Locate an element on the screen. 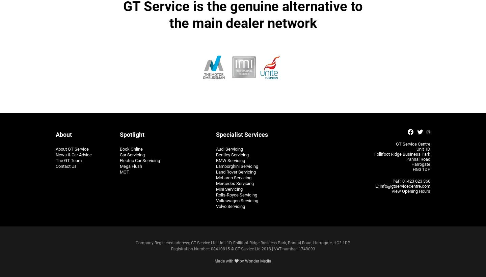  'The GT Team' is located at coordinates (69, 160).